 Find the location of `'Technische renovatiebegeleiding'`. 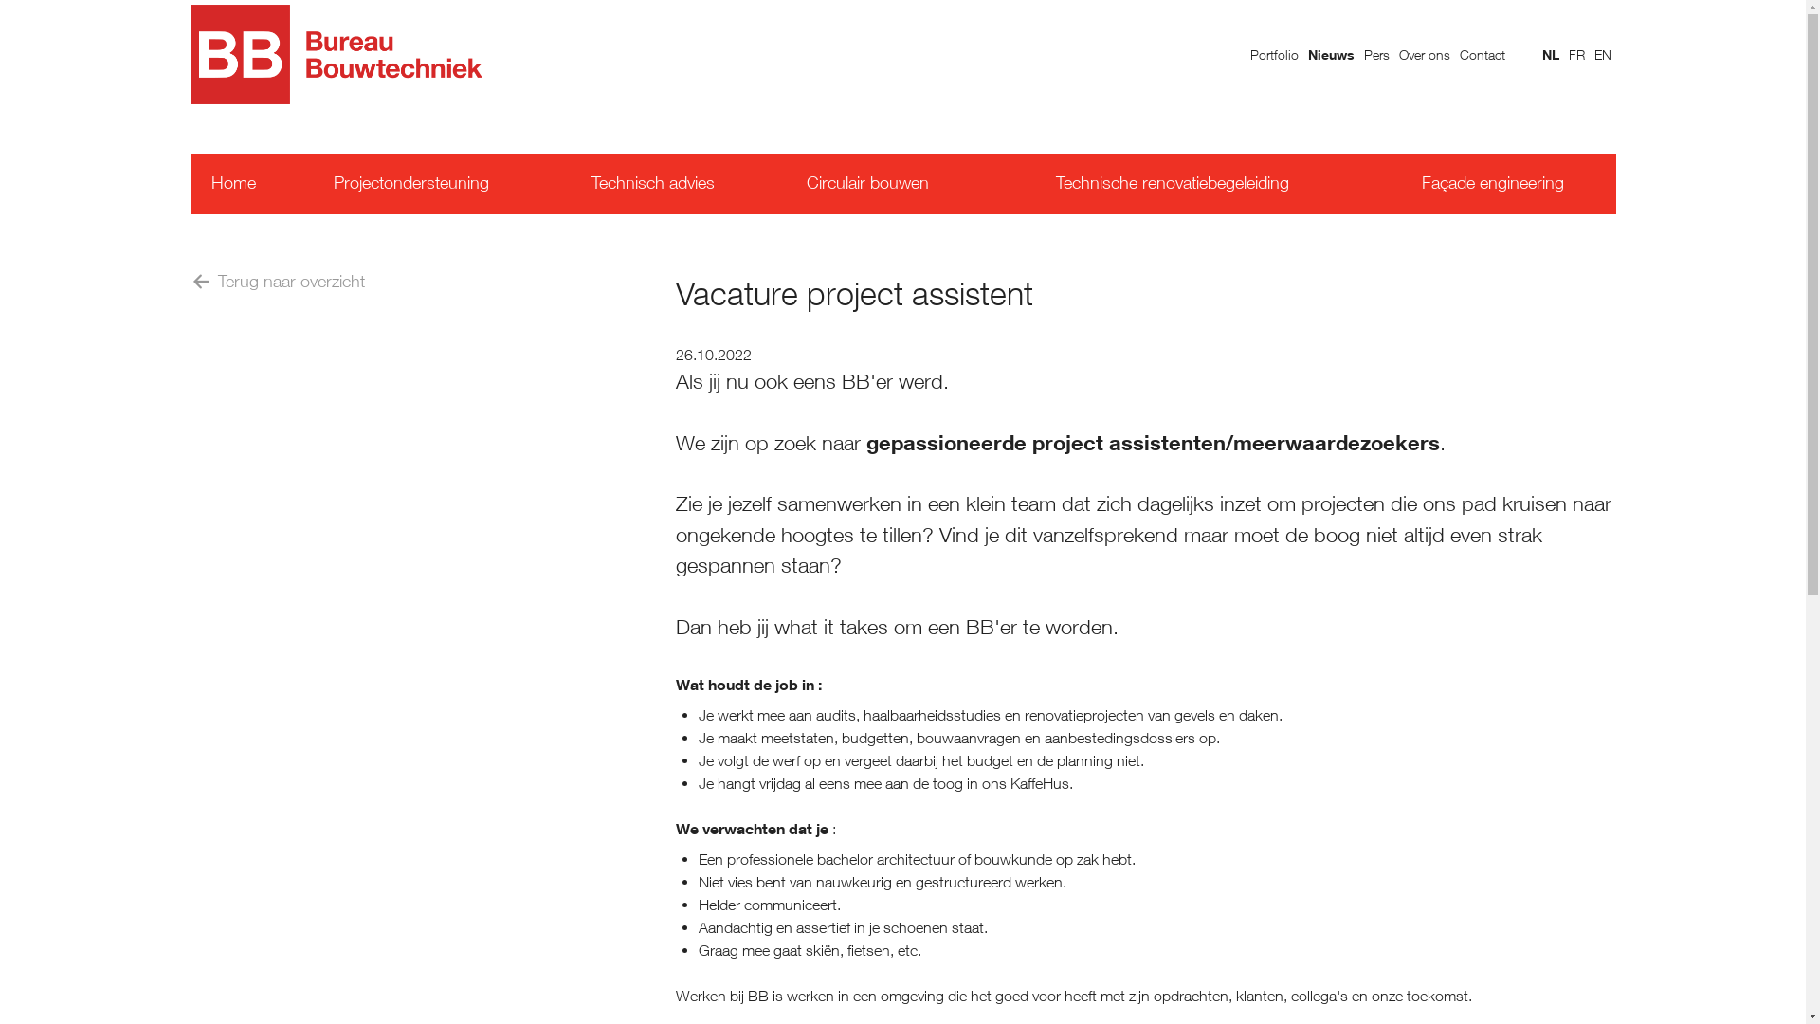

'Technische renovatiebegeleiding' is located at coordinates (1172, 183).